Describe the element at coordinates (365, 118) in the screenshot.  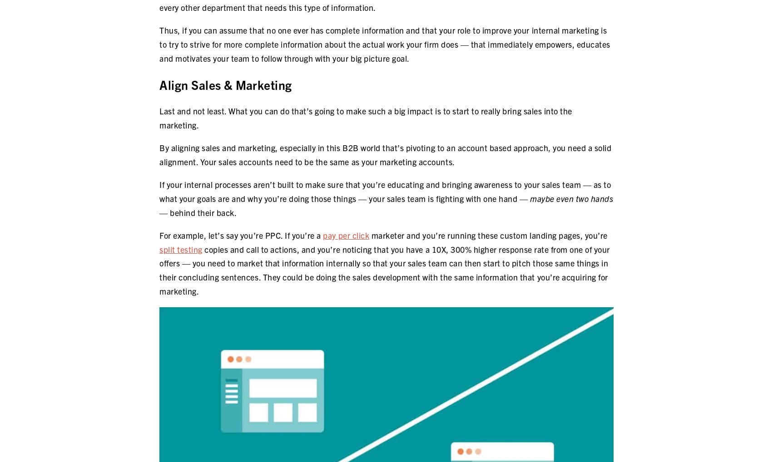
I see `'Last and not least. What you can do that’s going to make such a big impact is to start to really bring sales into the marketing.'` at that location.